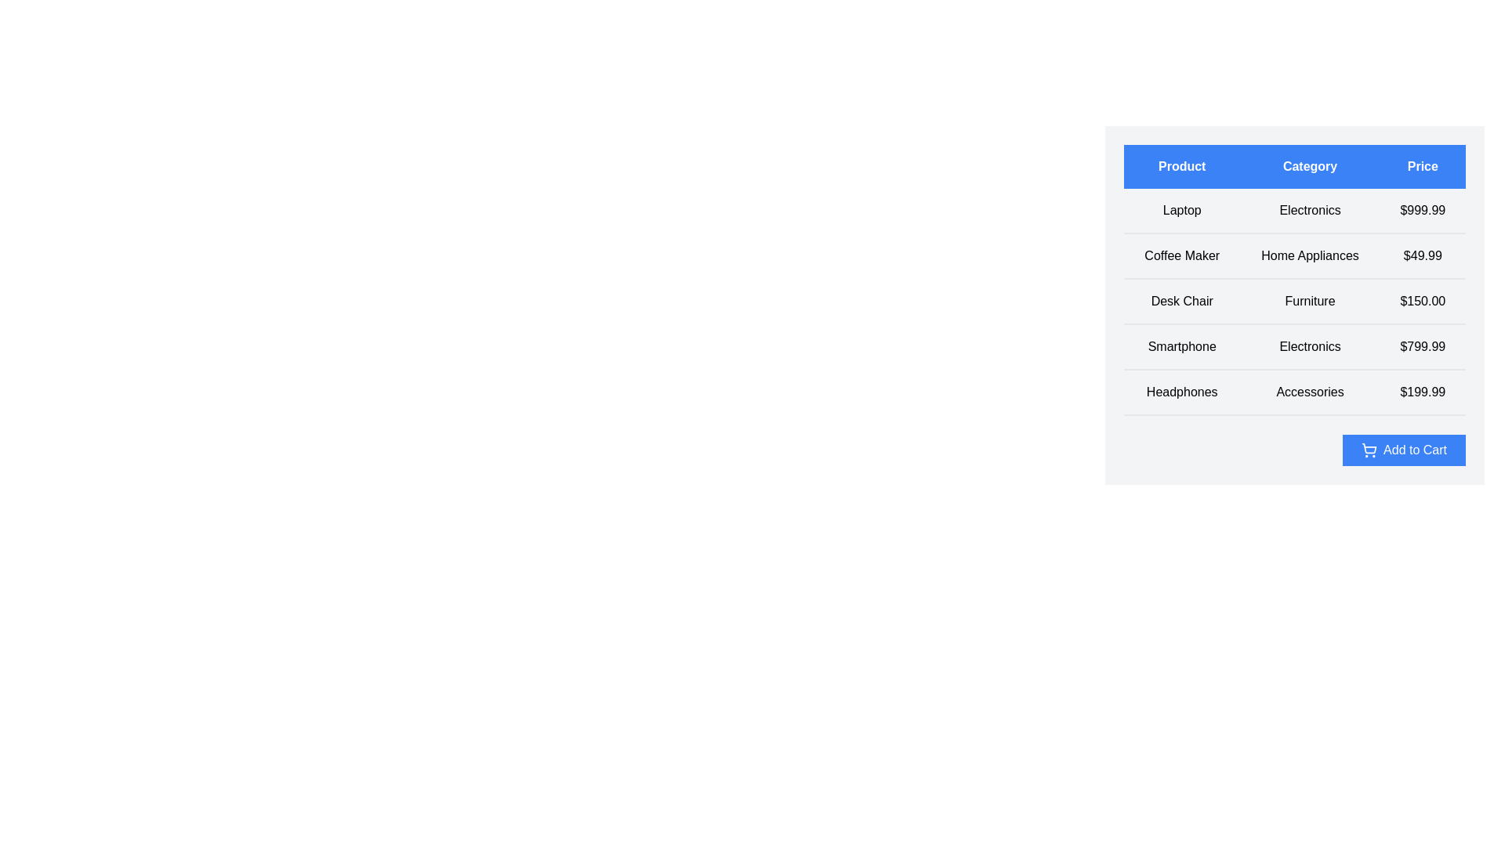 The image size is (1505, 846). What do you see at coordinates (1423, 392) in the screenshot?
I see `the static text displaying the price of the product in the rightmost column of the row labeled 'Headphones'` at bounding box center [1423, 392].